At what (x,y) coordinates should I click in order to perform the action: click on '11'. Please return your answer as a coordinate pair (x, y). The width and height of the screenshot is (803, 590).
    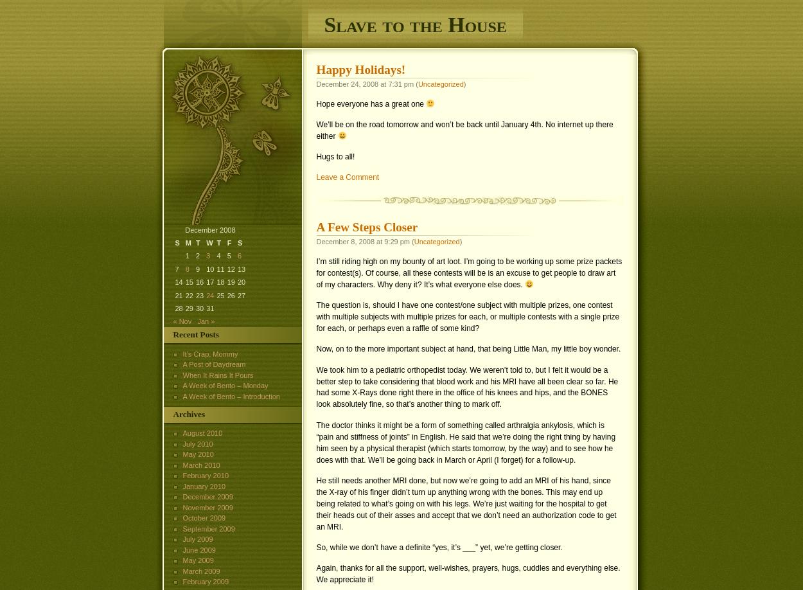
    Looking at the image, I should click on (220, 267).